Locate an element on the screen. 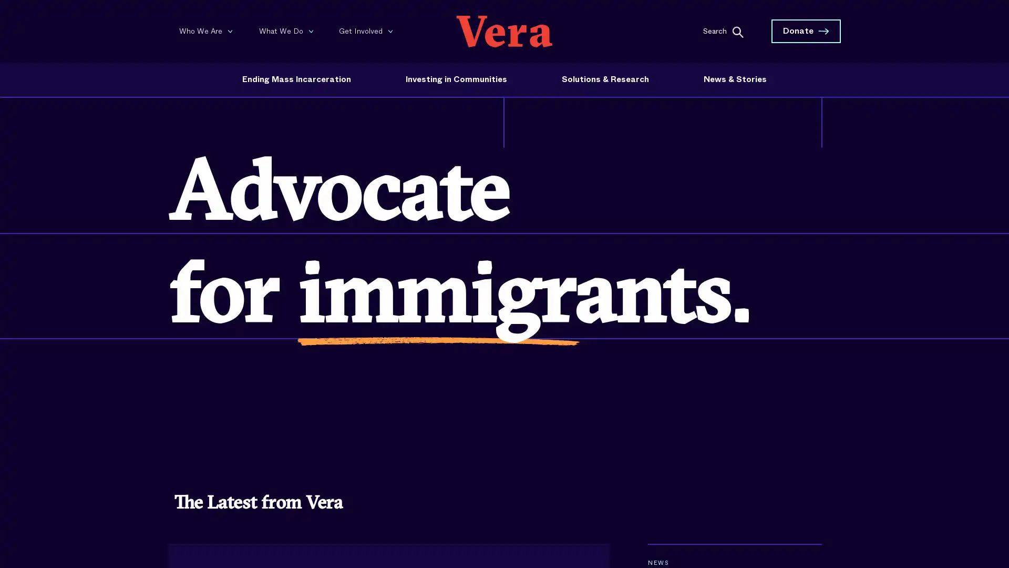 This screenshot has width=1009, height=568. What We Do is located at coordinates (287, 30).